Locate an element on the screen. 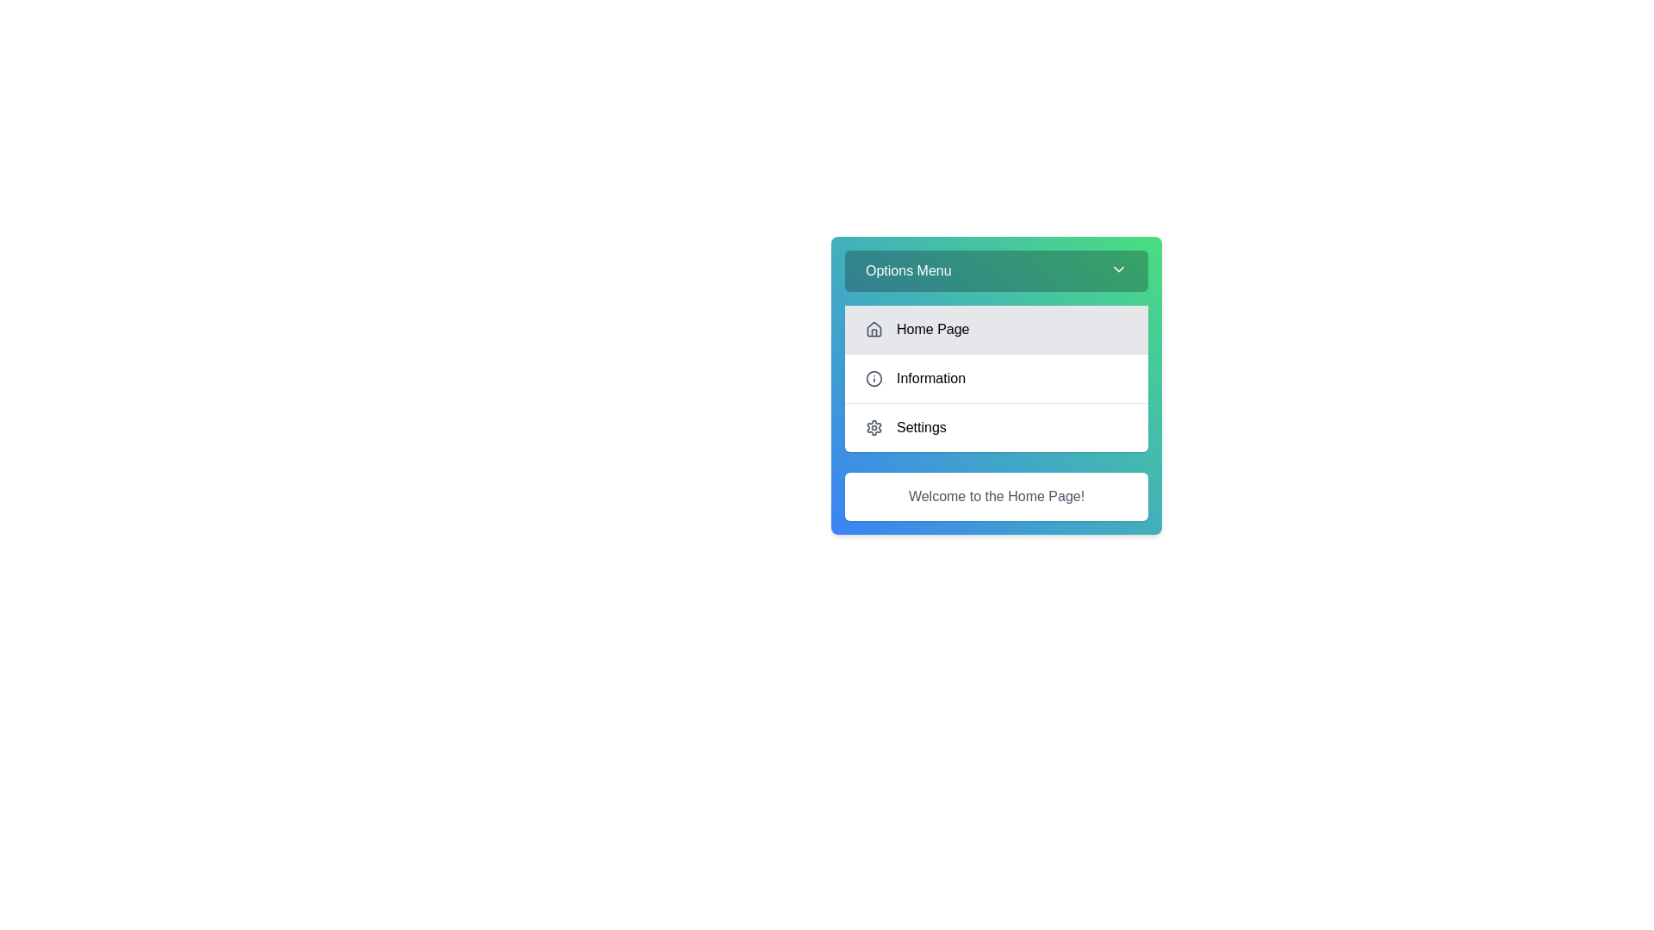 The image size is (1654, 930). the 'settings' icon, which is located to the left of the text 'Settings' in the menu interface is located at coordinates (874, 427).